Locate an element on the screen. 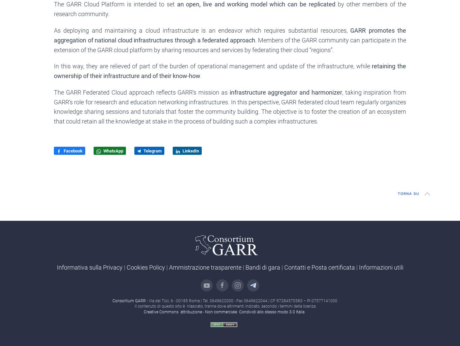 The image size is (460, 346). 'The GARR Federated Cloud approach reflects GARR’s mission as' is located at coordinates (141, 92).